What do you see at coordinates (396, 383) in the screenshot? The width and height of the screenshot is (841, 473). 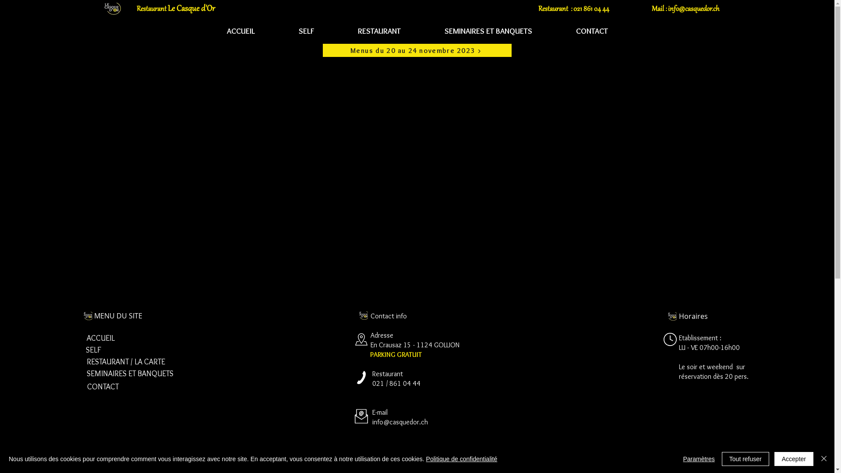 I see `'021 / 861 04 44'` at bounding box center [396, 383].